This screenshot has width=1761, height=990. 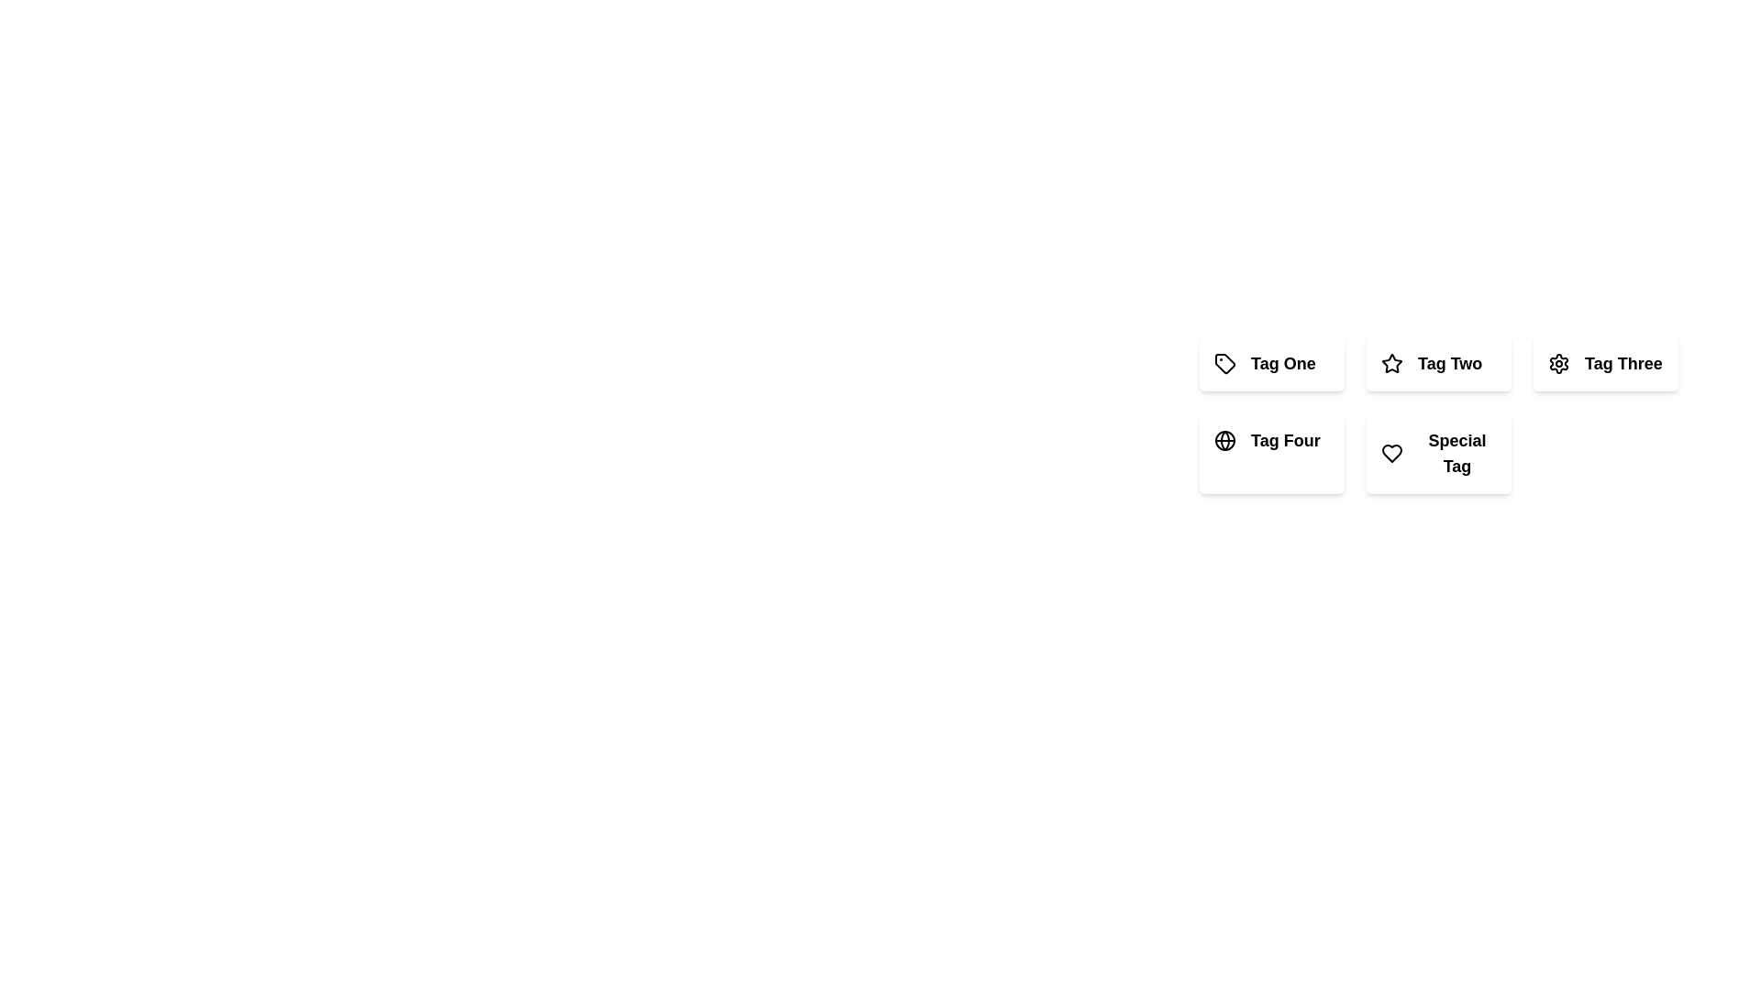 What do you see at coordinates (1224, 364) in the screenshot?
I see `the decorative icon associated with the 'Tag One' label, which is located in the top-left corner of the grid of tagged icons` at bounding box center [1224, 364].